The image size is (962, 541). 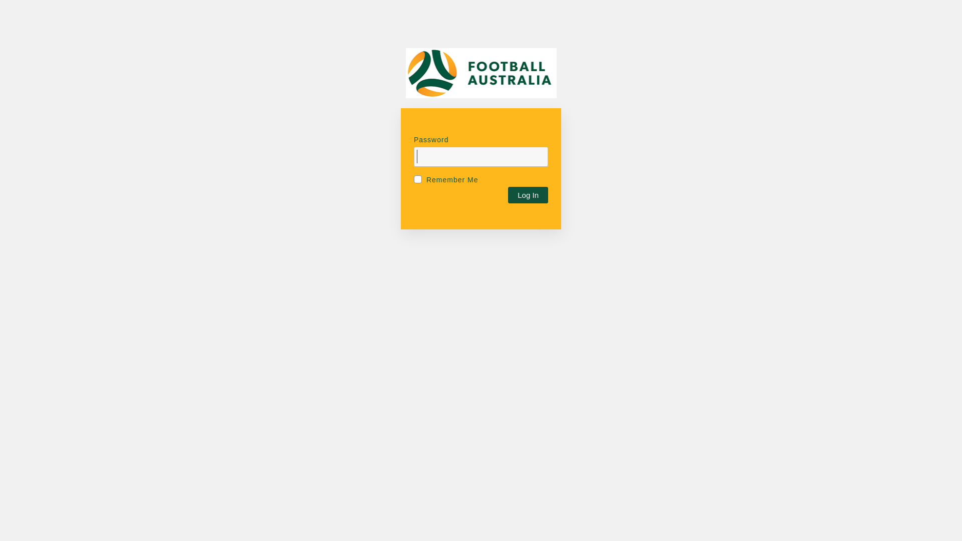 What do you see at coordinates (528, 194) in the screenshot?
I see `'Log In'` at bounding box center [528, 194].